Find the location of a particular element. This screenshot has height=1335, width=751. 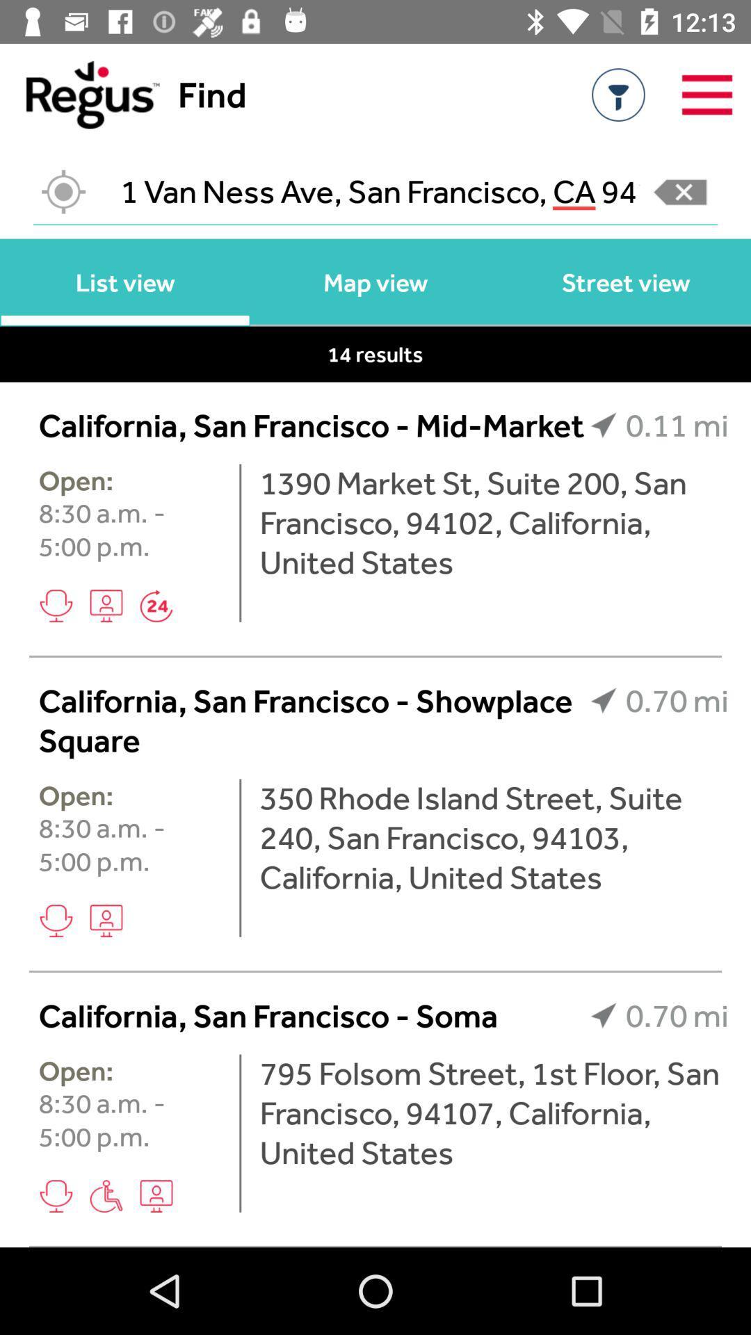

item to the left of the 350 rhode island is located at coordinates (239, 857).